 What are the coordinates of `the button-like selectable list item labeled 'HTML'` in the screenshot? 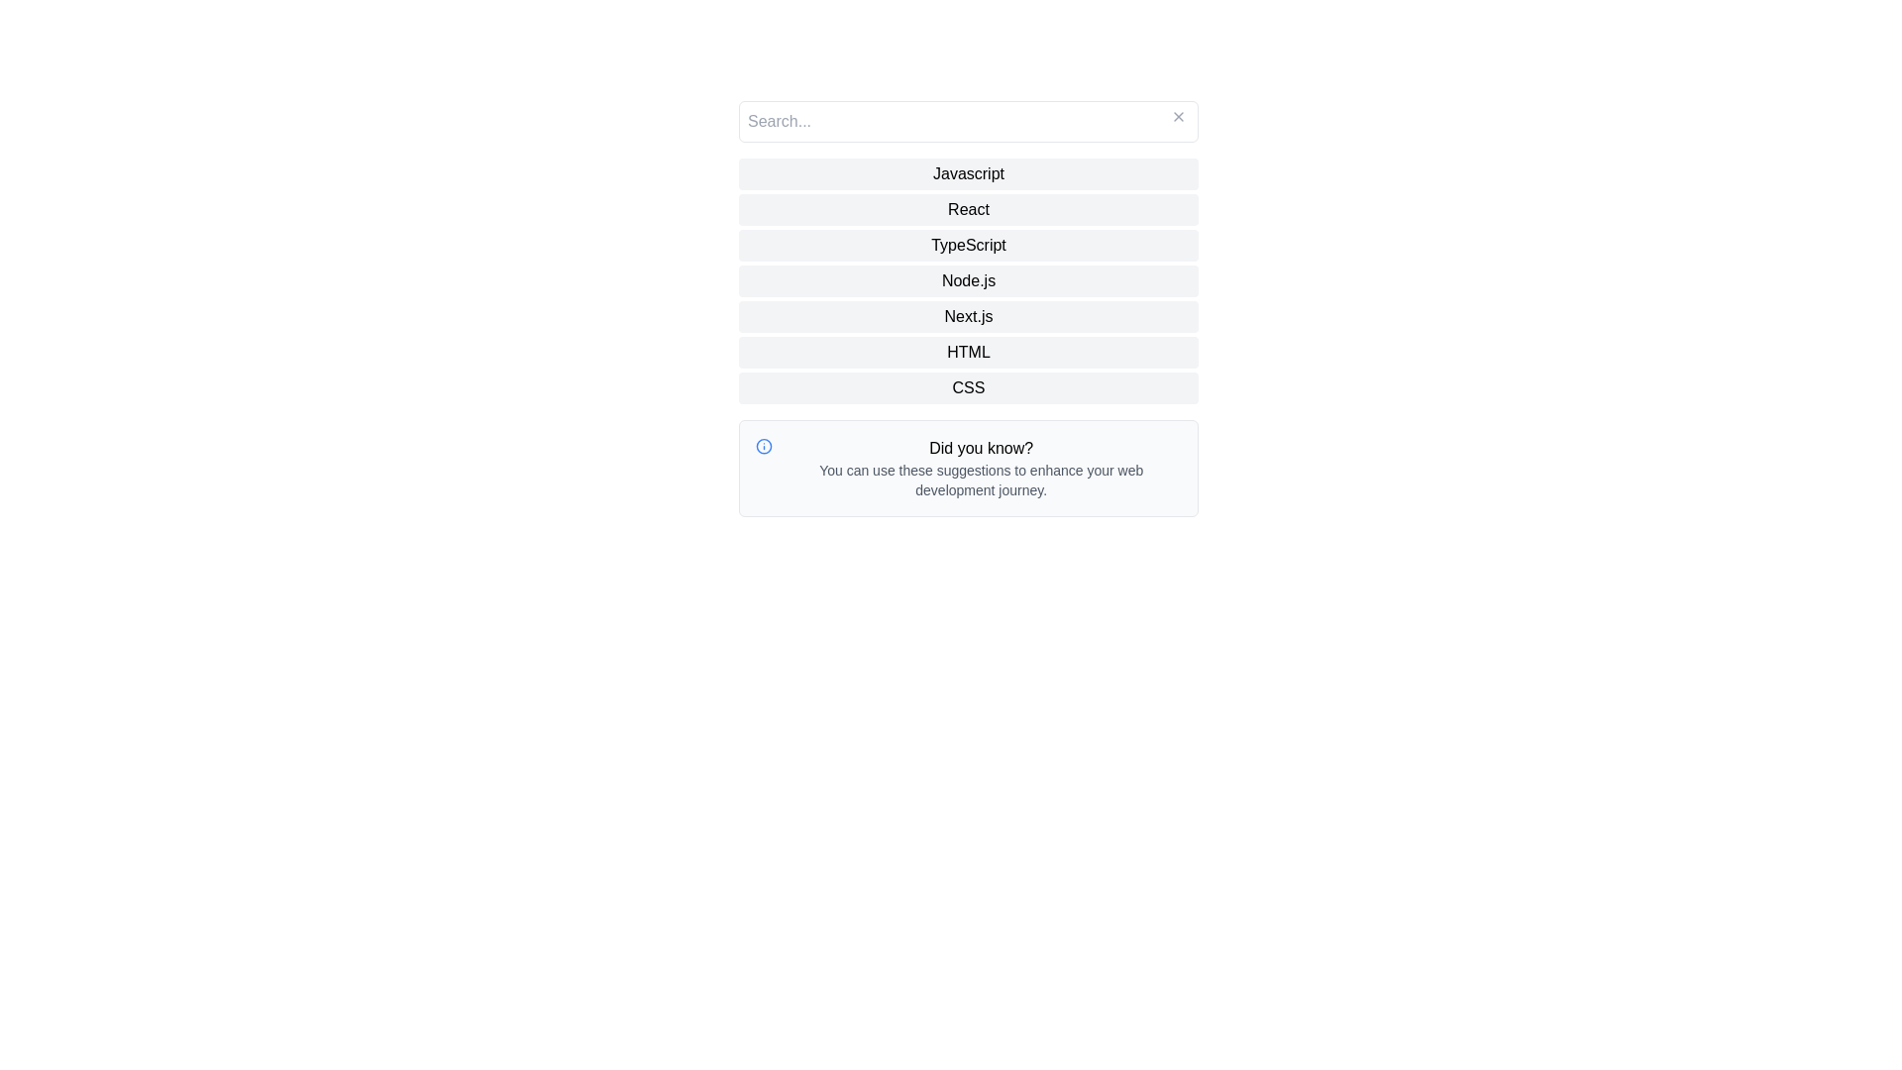 It's located at (969, 351).